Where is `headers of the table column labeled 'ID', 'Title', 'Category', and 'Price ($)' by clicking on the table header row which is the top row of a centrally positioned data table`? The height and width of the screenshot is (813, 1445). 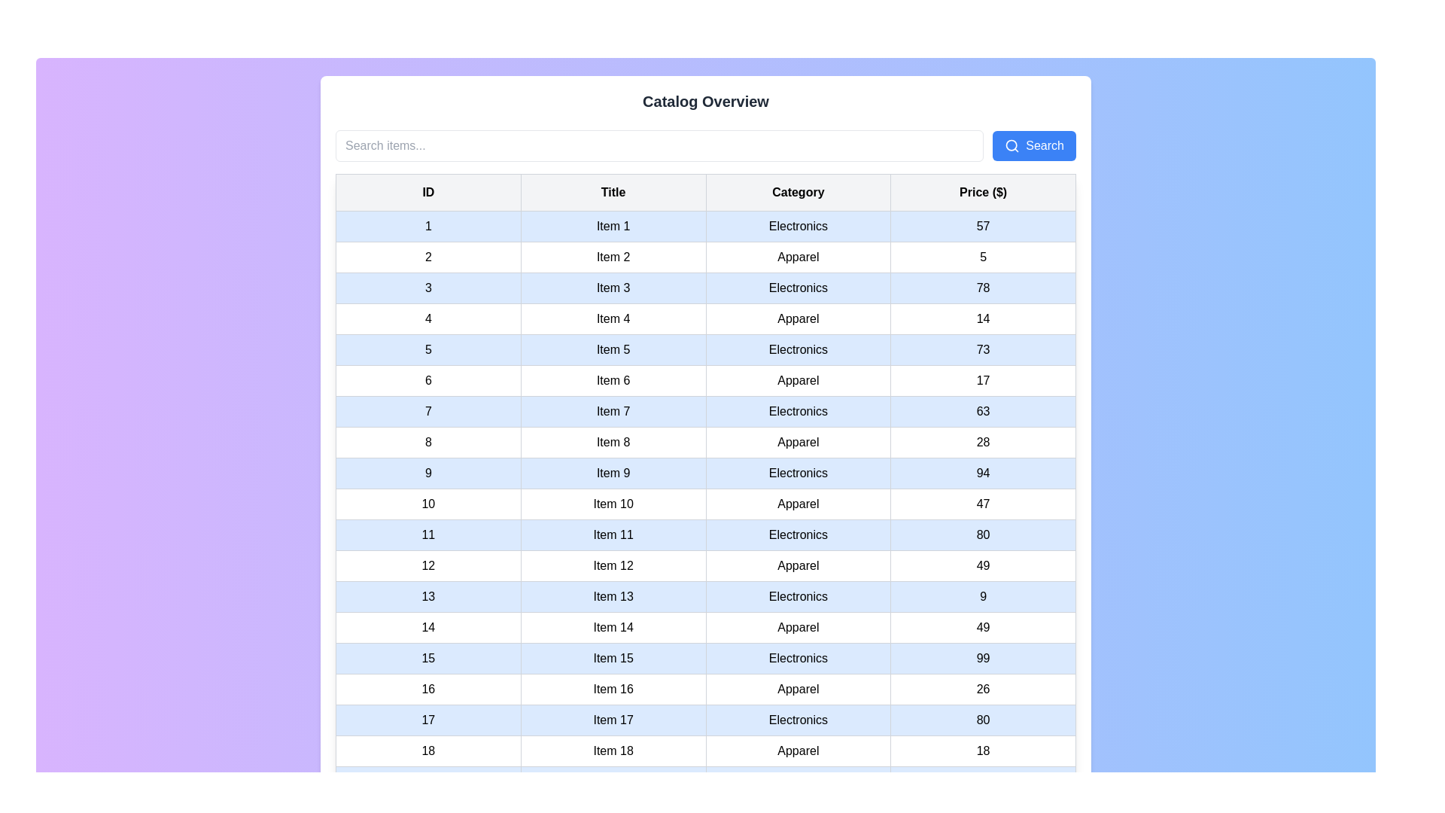
headers of the table column labeled 'ID', 'Title', 'Category', and 'Price ($)' by clicking on the table header row which is the top row of a centrally positioned data table is located at coordinates (704, 191).